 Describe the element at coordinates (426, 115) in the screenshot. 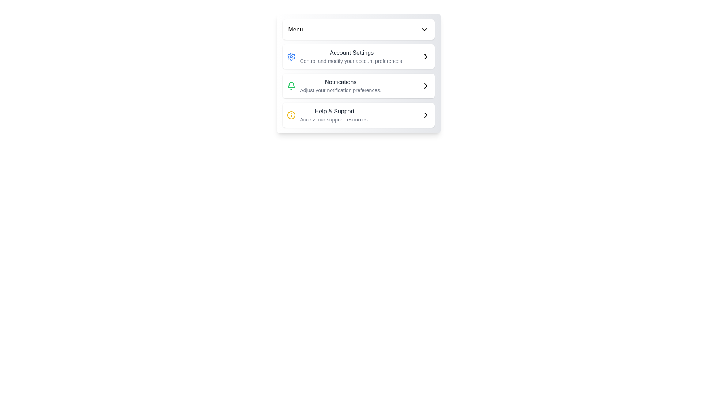

I see `the chevron icon located to the right of the Help & Support section's description text` at that location.